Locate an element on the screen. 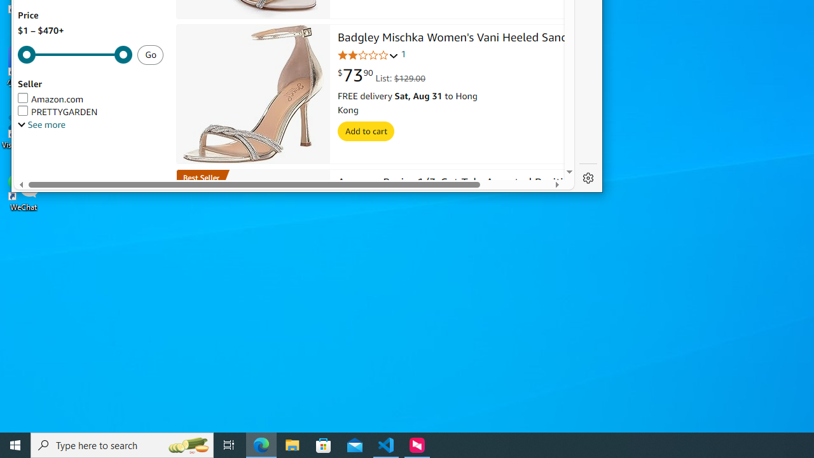 This screenshot has height=458, width=814. 'Visual Studio Code - 1 running window' is located at coordinates (385, 444).